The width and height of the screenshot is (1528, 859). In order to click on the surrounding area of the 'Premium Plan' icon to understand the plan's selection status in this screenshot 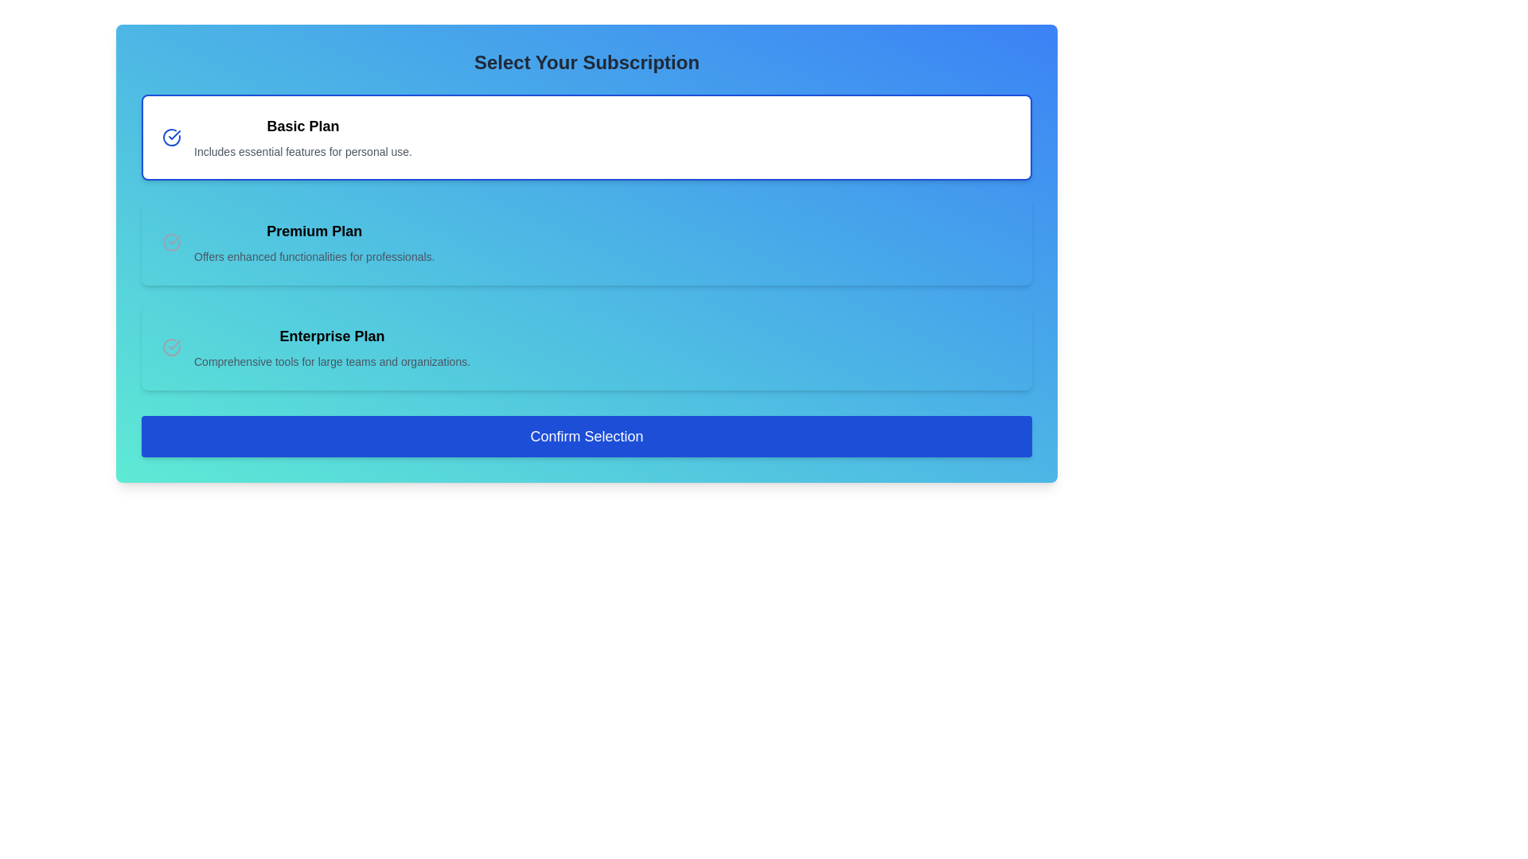, I will do `click(172, 242)`.